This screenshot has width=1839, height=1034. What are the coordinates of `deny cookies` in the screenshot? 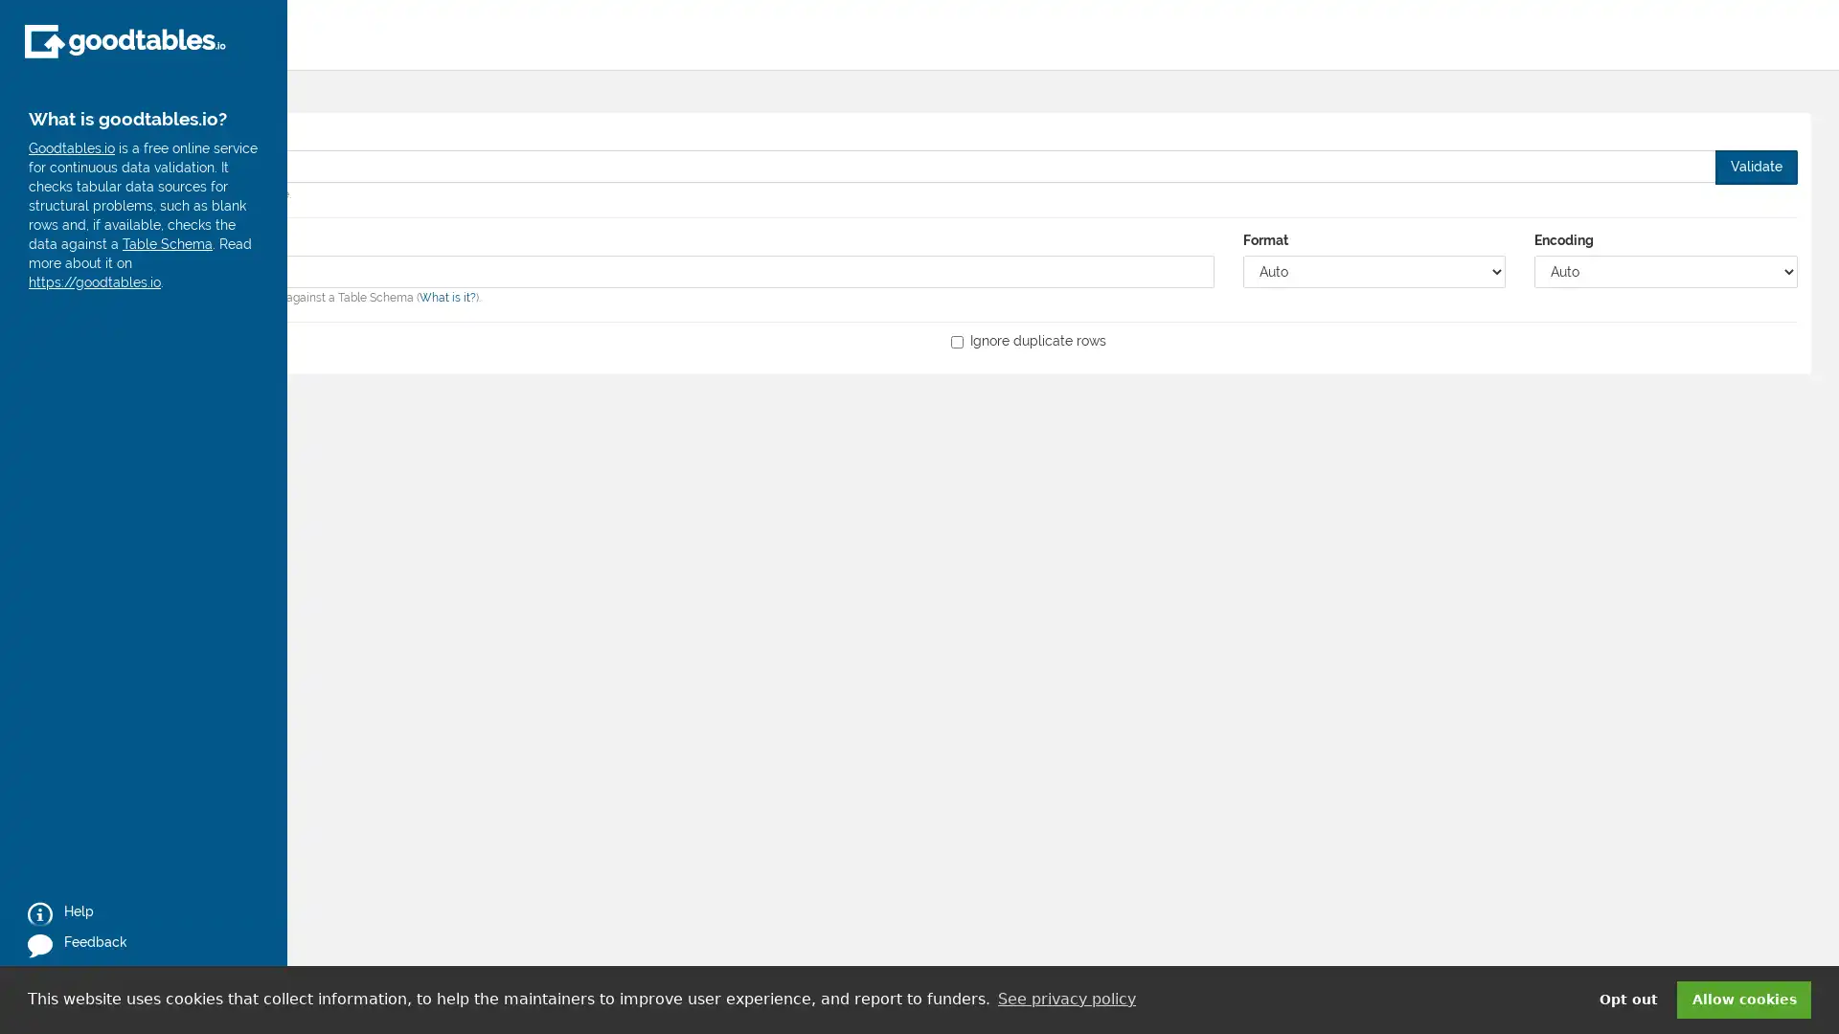 It's located at (1626, 999).